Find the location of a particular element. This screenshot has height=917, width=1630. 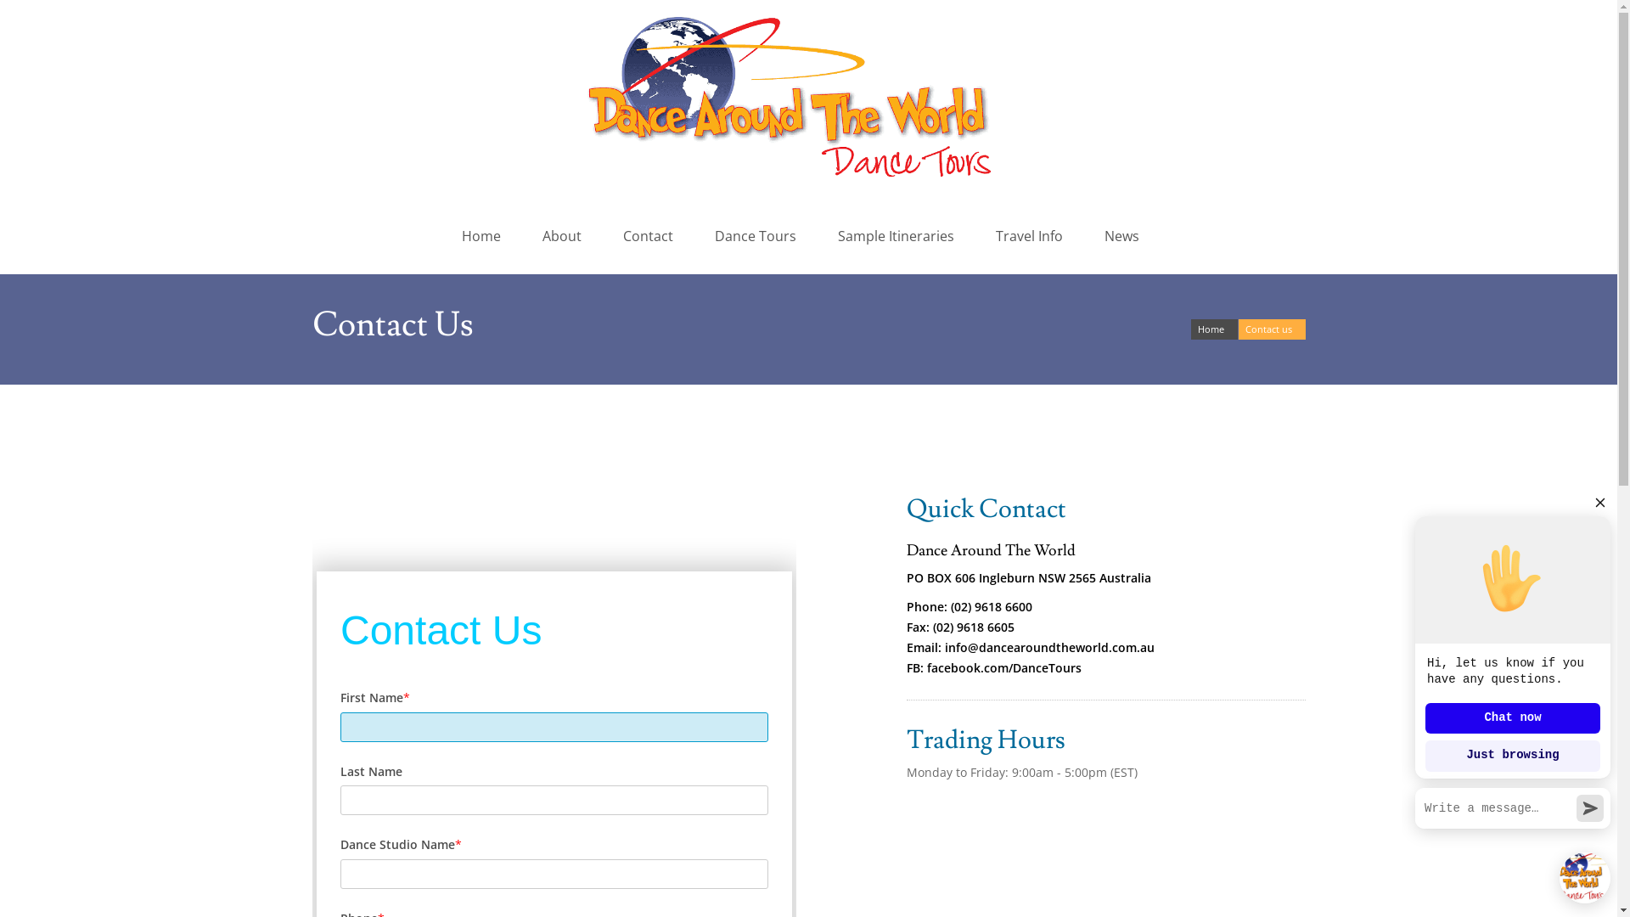

'Contact us' is located at coordinates (1271, 329).